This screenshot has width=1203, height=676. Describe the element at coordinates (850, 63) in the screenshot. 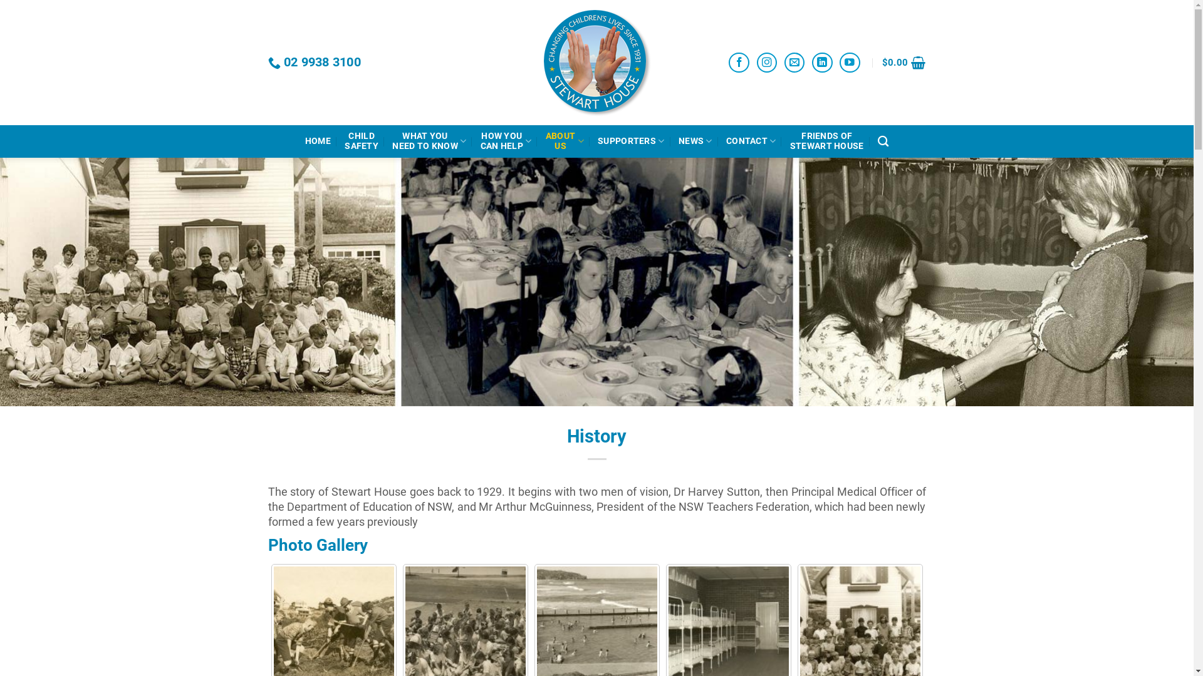

I see `'Follow on YouTube'` at that location.